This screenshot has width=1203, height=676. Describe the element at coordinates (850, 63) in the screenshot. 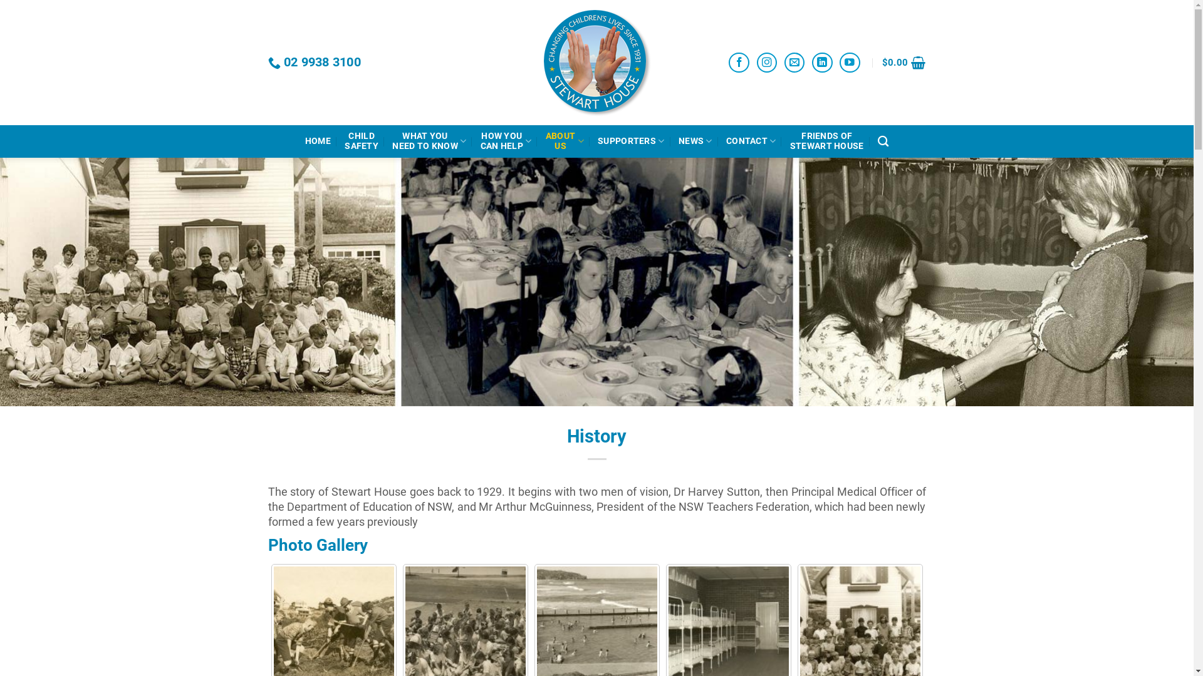

I see `'Follow on YouTube'` at that location.